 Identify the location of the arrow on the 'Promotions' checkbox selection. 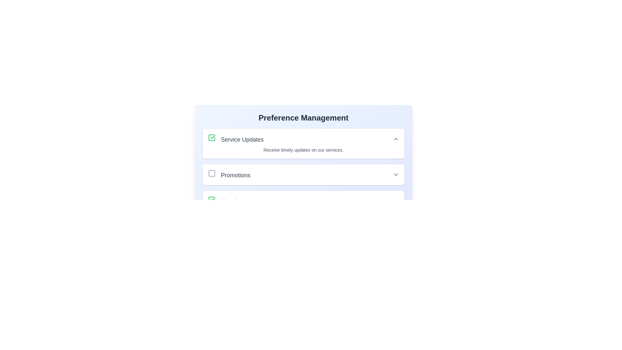
(303, 169).